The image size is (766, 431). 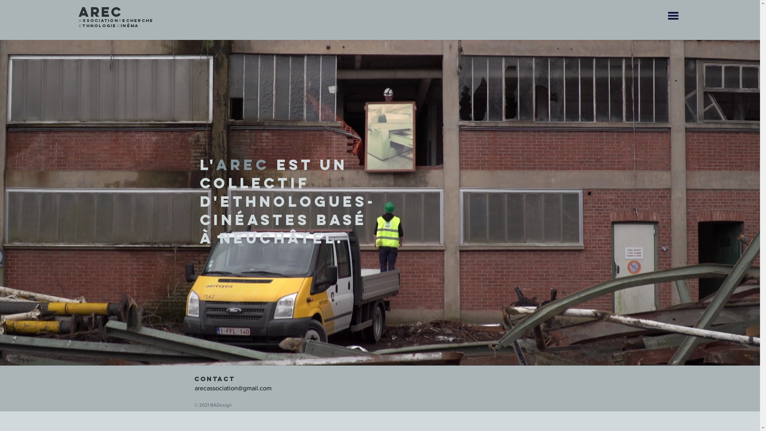 What do you see at coordinates (115, 20) in the screenshot?
I see `'AssociationRecherche'` at bounding box center [115, 20].